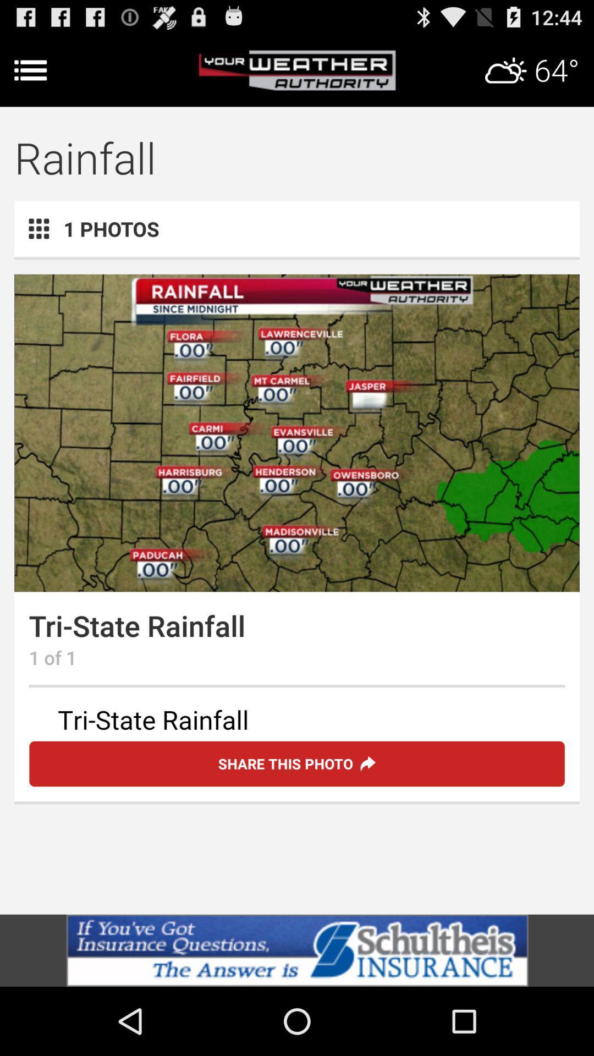 The height and width of the screenshot is (1056, 594). Describe the element at coordinates (297, 721) in the screenshot. I see `the element shows tri-state predicted rainfall` at that location.